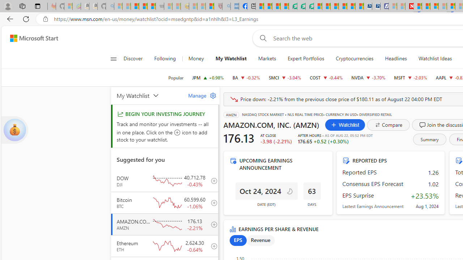  What do you see at coordinates (368, 77) in the screenshot?
I see `'NVDA NVIDIA CORPORATION decrease 123.74 -4.76 -3.70%'` at bounding box center [368, 77].